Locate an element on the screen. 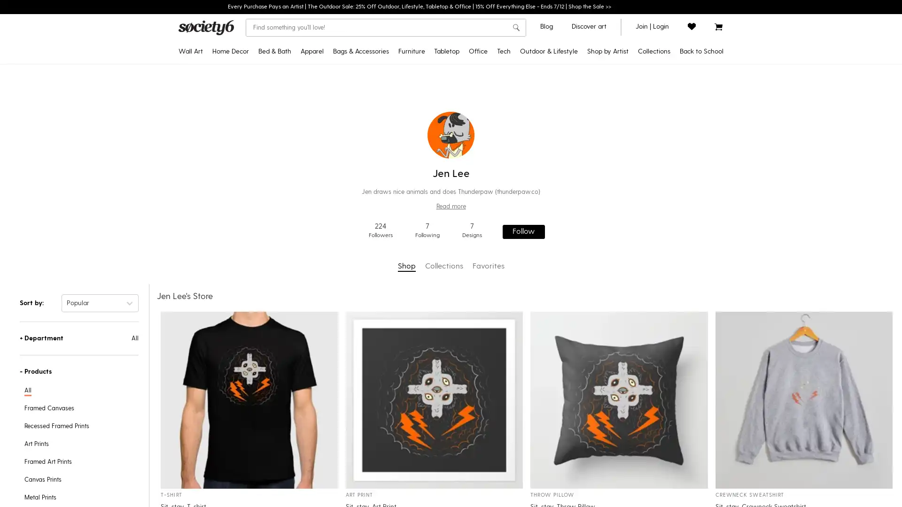  iPhone Wallet Cases is located at coordinates (537, 105).